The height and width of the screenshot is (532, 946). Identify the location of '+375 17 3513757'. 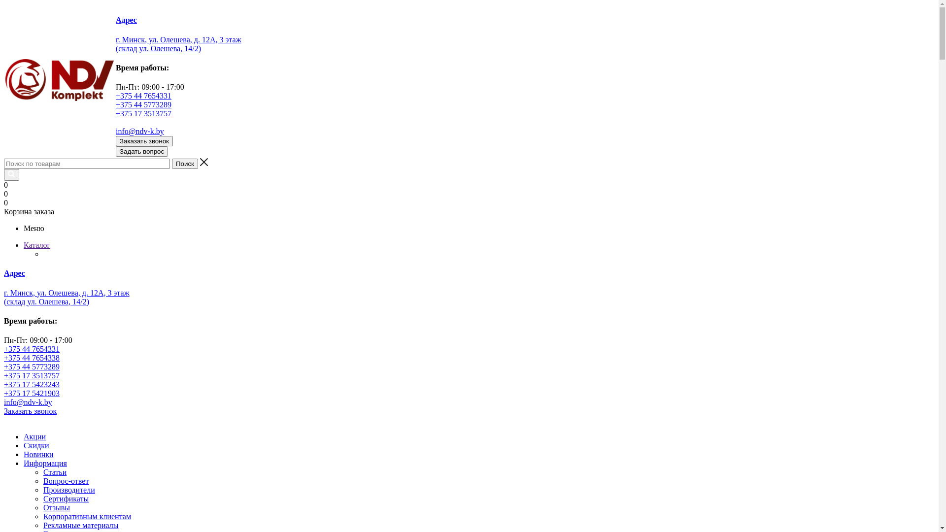
(32, 375).